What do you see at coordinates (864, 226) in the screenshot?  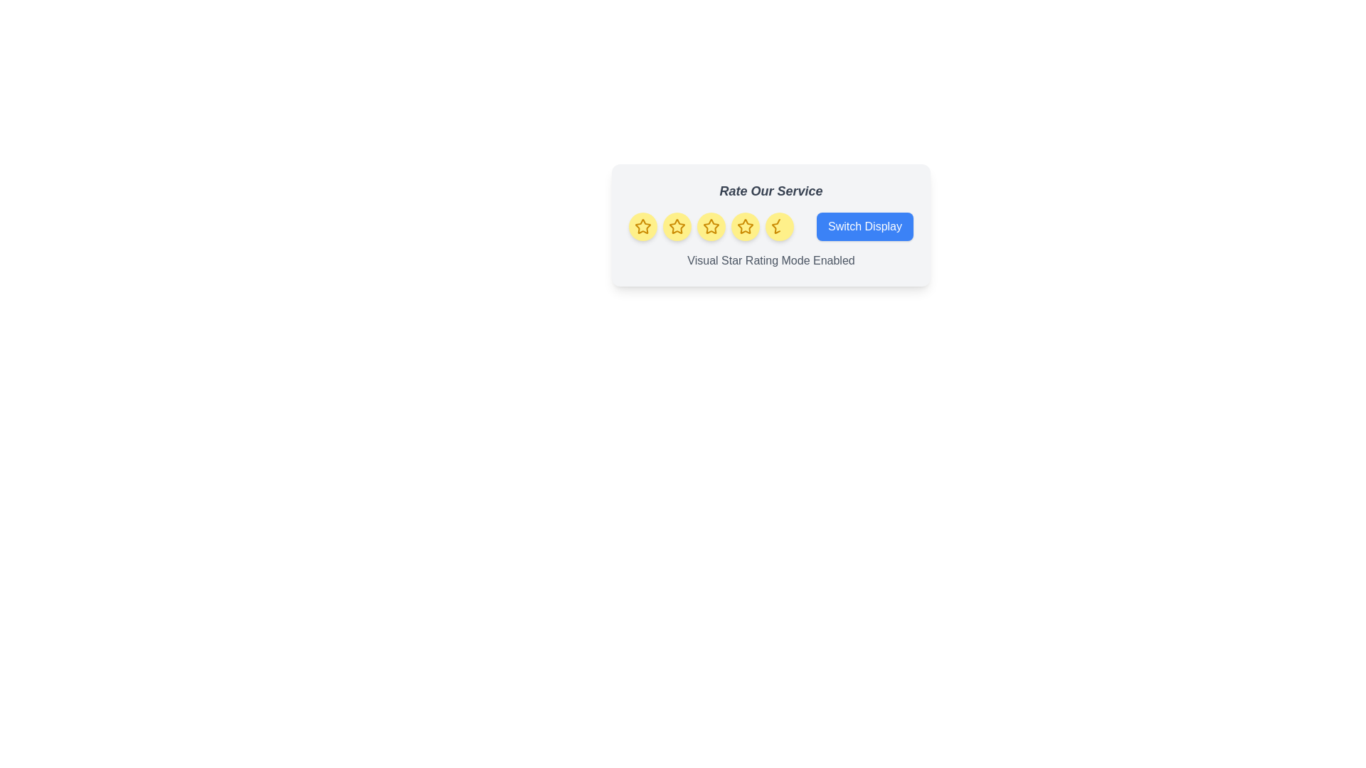 I see `the 'Switch Display' button to toggle the display mode` at bounding box center [864, 226].